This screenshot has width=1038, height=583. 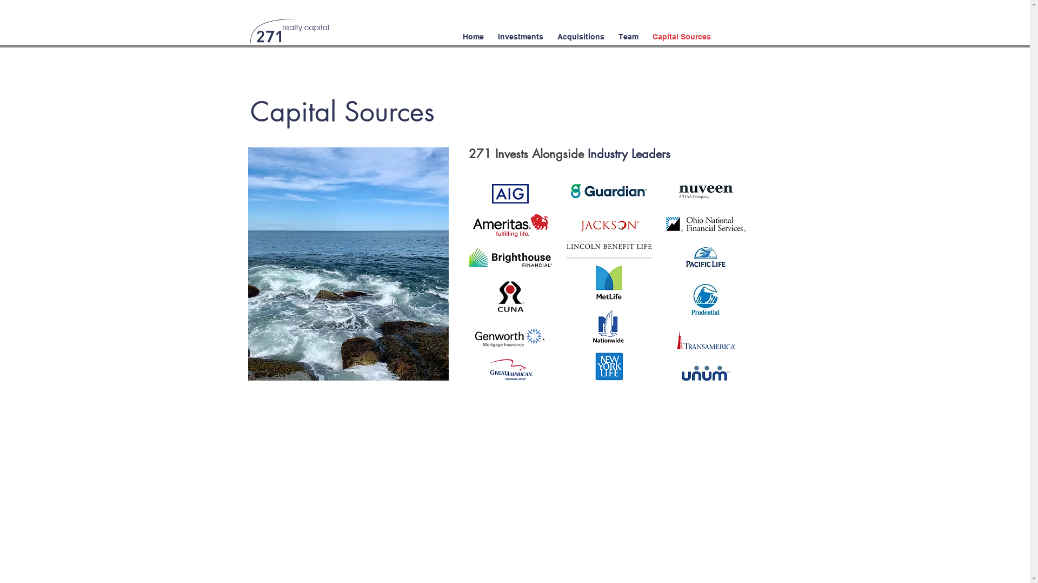 I want to click on 'Acquisitions', so click(x=580, y=31).